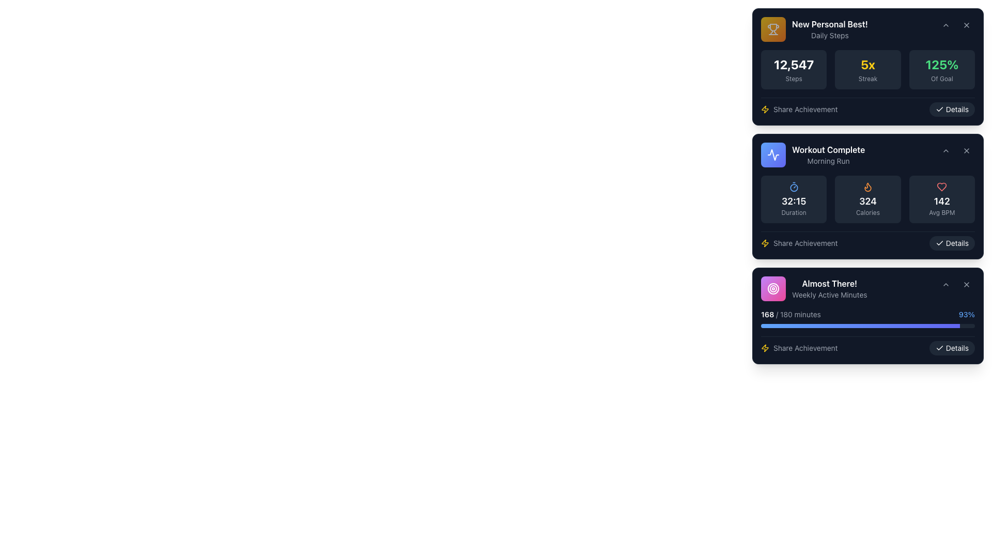 The width and height of the screenshot is (992, 558). I want to click on the label with the text 'Almost There!' and the accompanying gradient icon with a target symbol, located in the third card of a vertical stack, so click(813, 289).